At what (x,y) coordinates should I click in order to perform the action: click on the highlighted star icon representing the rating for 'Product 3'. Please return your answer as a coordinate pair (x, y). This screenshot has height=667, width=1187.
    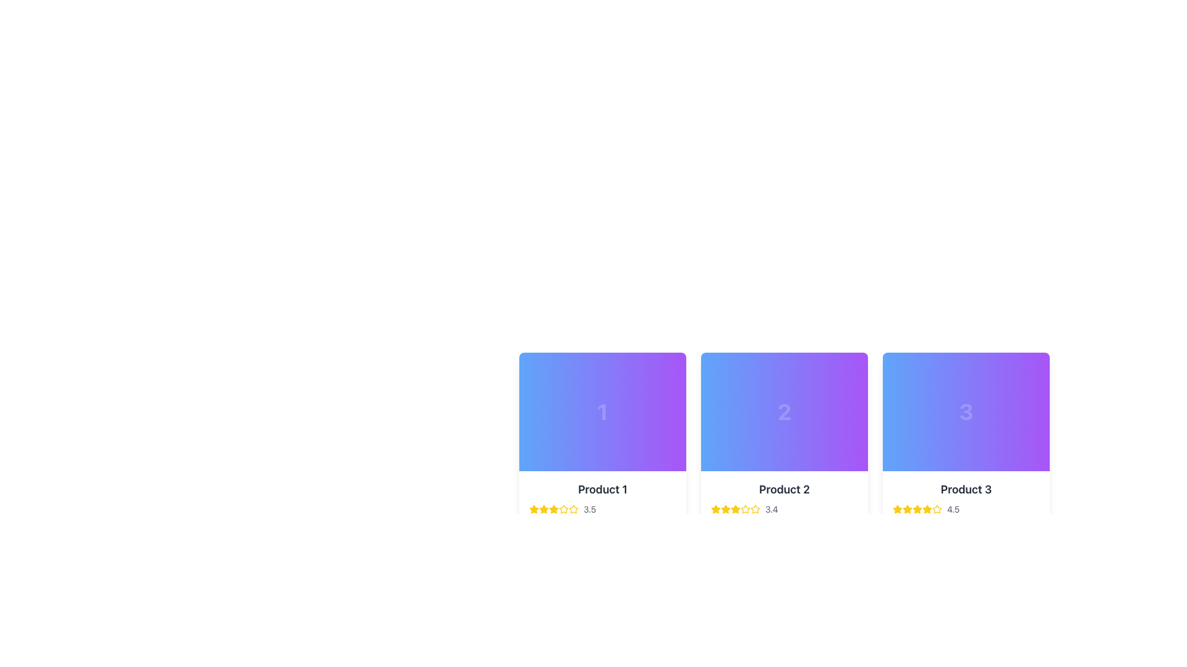
    Looking at the image, I should click on (897, 509).